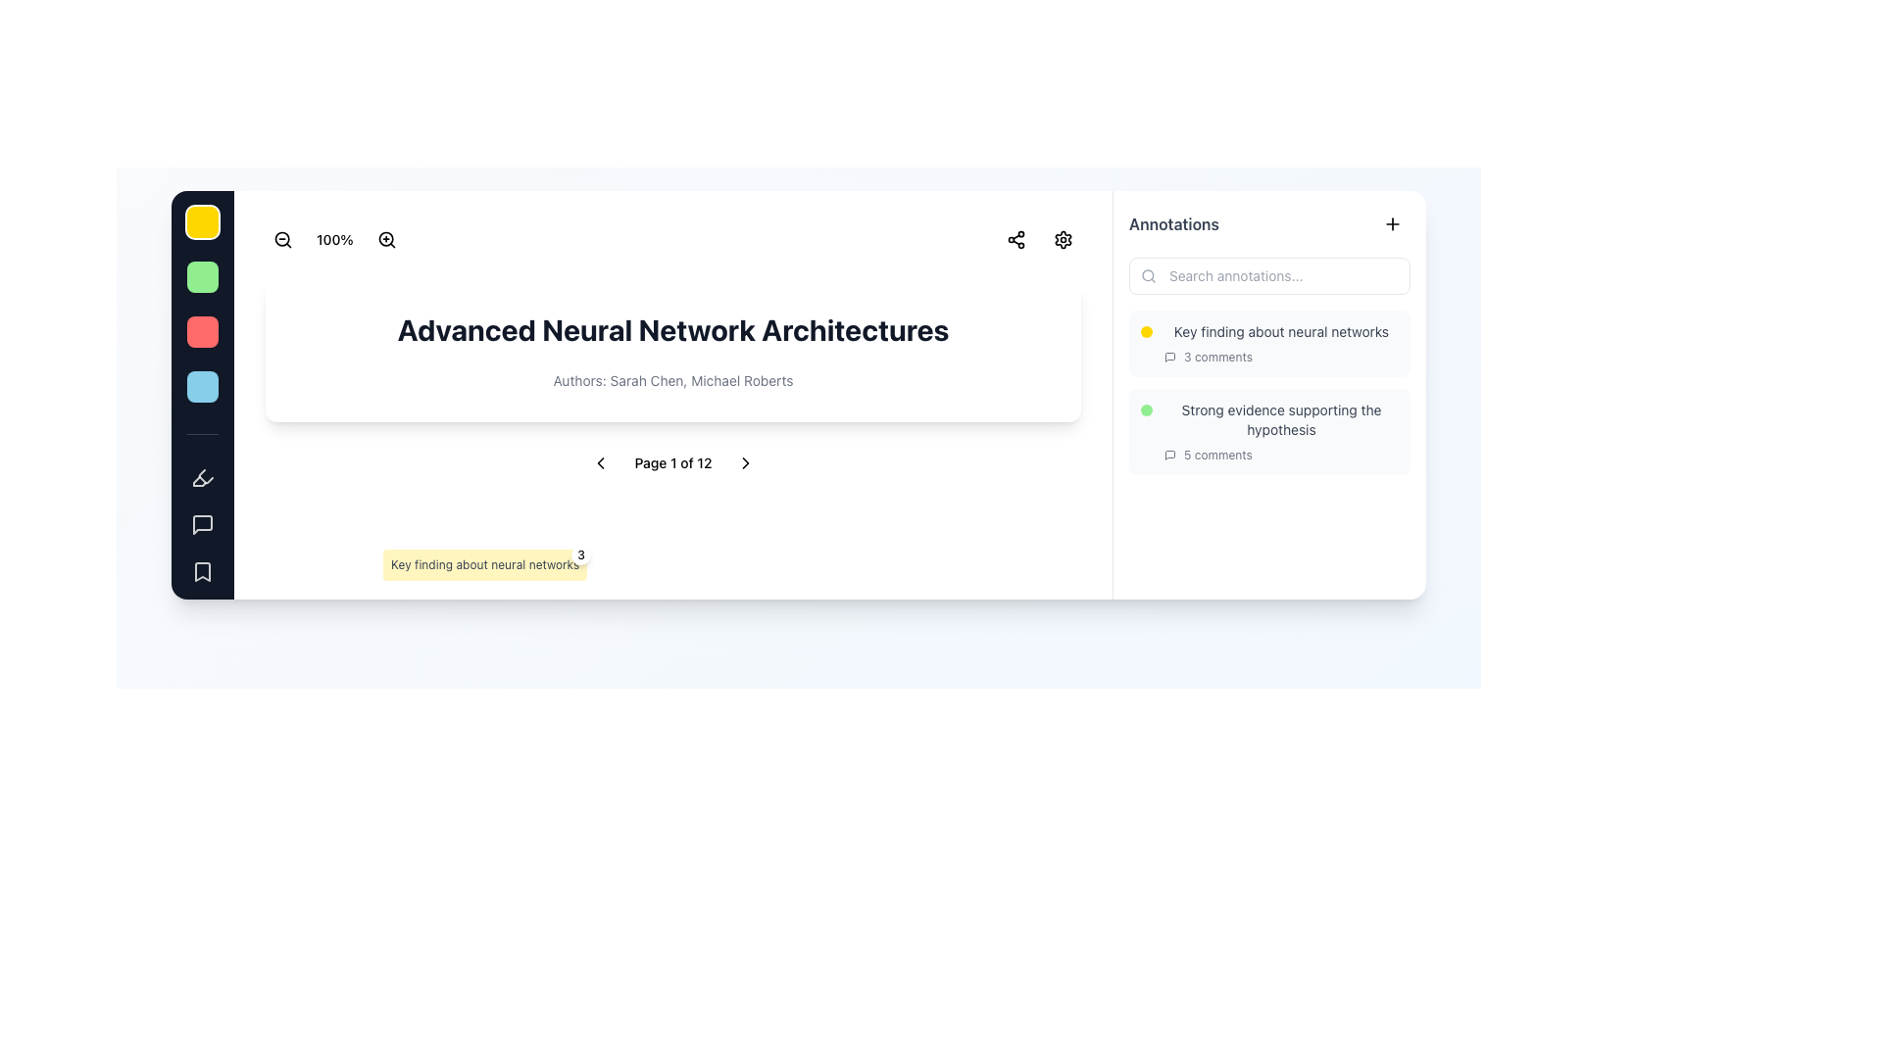 This screenshot has height=1058, width=1882. What do you see at coordinates (202, 478) in the screenshot?
I see `the highlighter icon located fifth from the top in the vertical navigation bar on the left side` at bounding box center [202, 478].